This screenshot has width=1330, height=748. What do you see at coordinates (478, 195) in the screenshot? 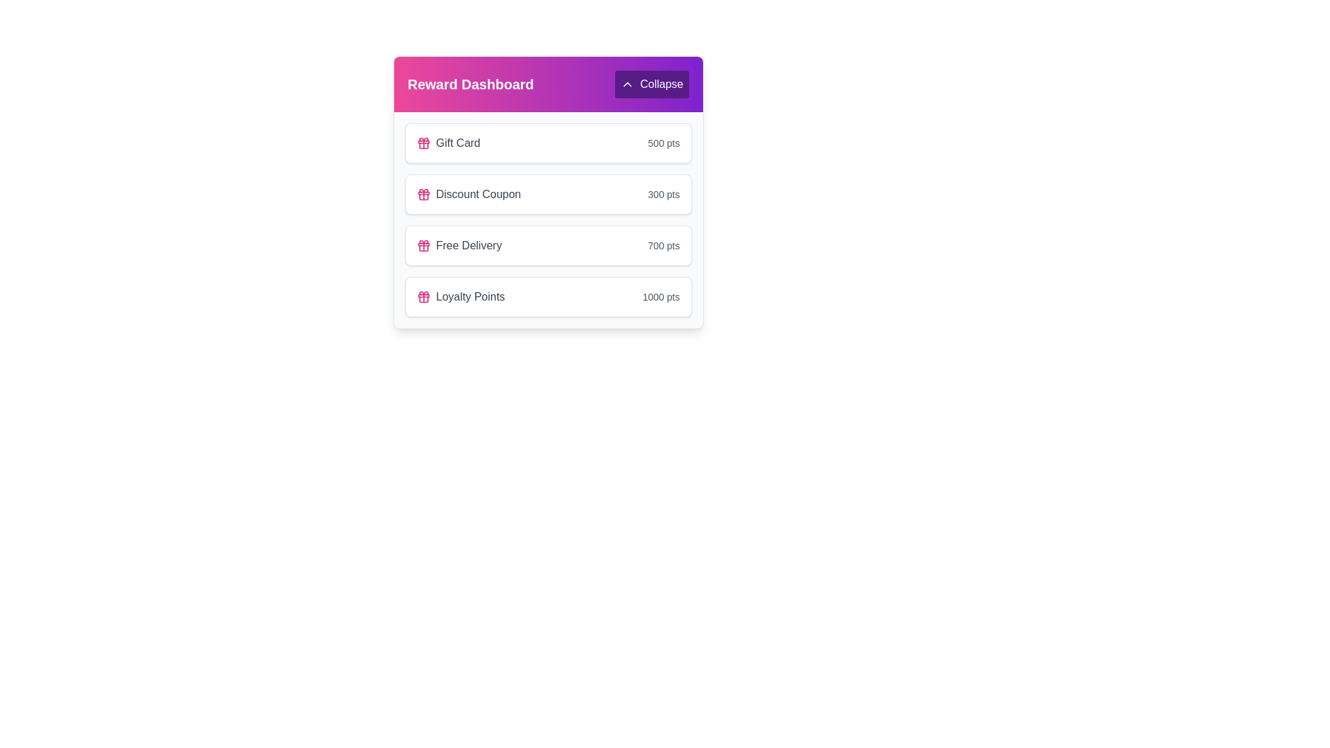
I see `the 'Discount Coupon' text label, which is the second label in the vertical list under the 'Reward Dashboard' section` at bounding box center [478, 195].